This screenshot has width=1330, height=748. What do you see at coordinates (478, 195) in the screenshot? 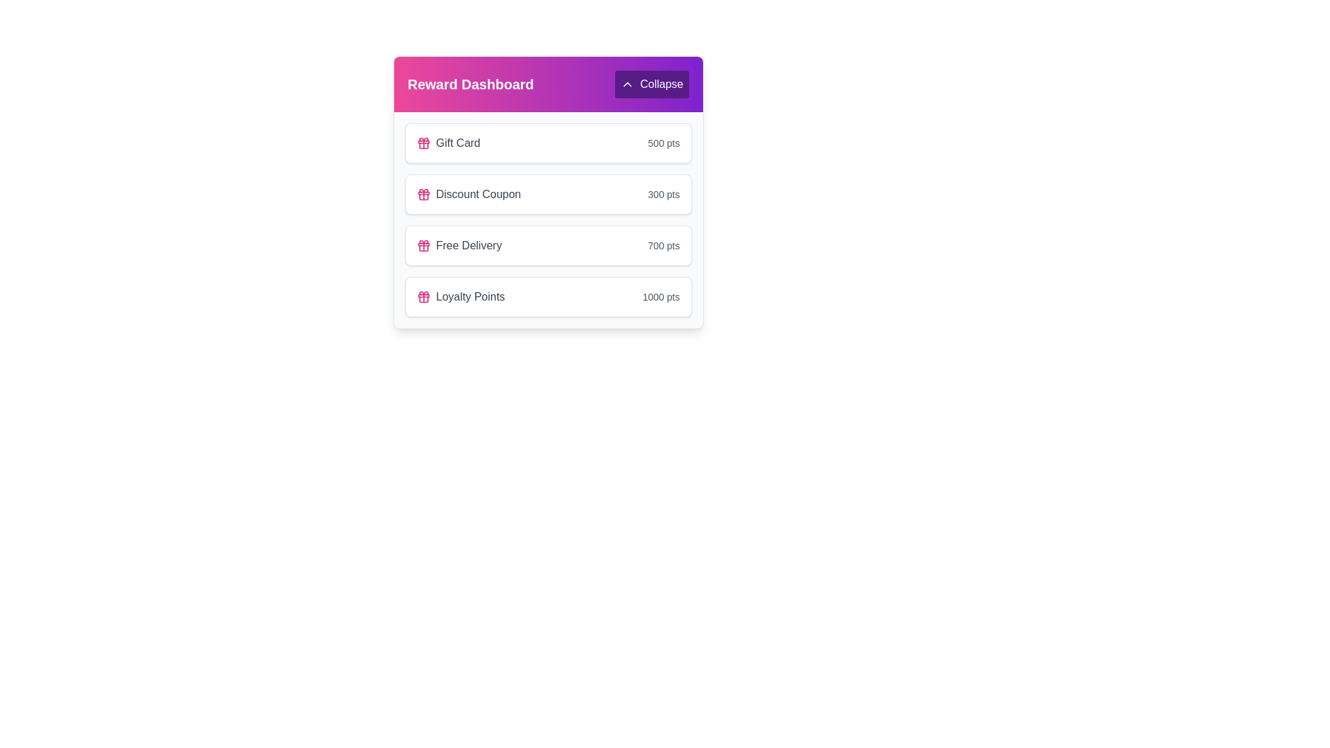
I see `the 'Discount Coupon' text label, which is the second label in the vertical list under the 'Reward Dashboard' section` at bounding box center [478, 195].